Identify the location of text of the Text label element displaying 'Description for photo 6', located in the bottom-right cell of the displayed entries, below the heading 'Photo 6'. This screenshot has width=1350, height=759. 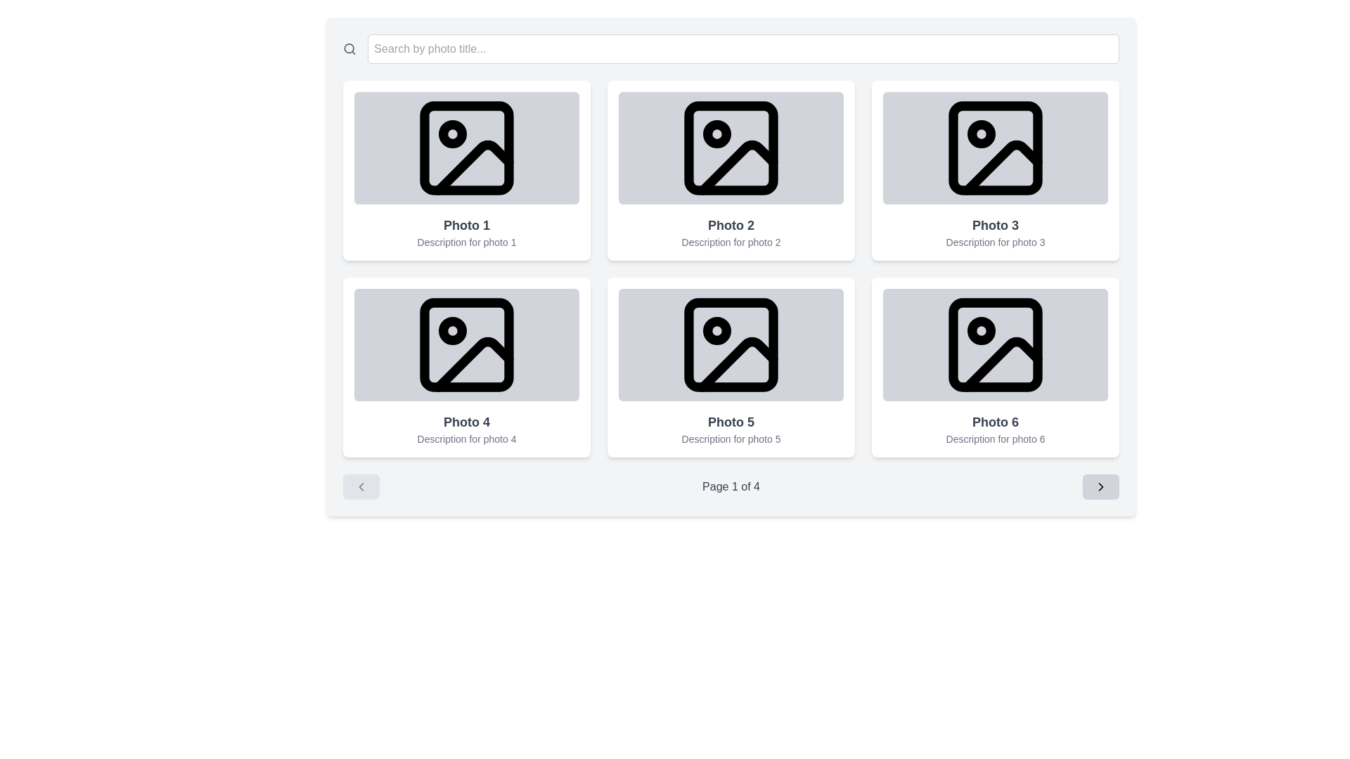
(995, 438).